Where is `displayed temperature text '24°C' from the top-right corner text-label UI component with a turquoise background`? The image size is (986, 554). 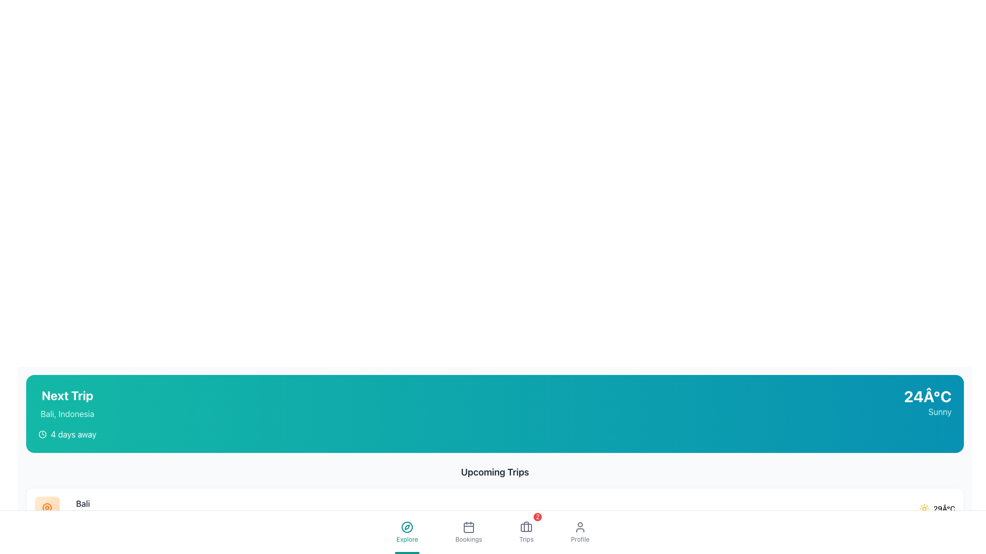
displayed temperature text '24°C' from the top-right corner text-label UI component with a turquoise background is located at coordinates (927, 395).